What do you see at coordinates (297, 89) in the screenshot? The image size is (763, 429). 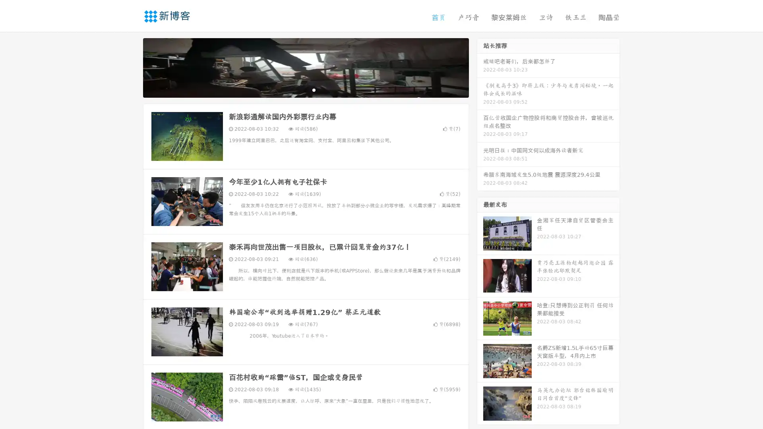 I see `Go to slide 1` at bounding box center [297, 89].